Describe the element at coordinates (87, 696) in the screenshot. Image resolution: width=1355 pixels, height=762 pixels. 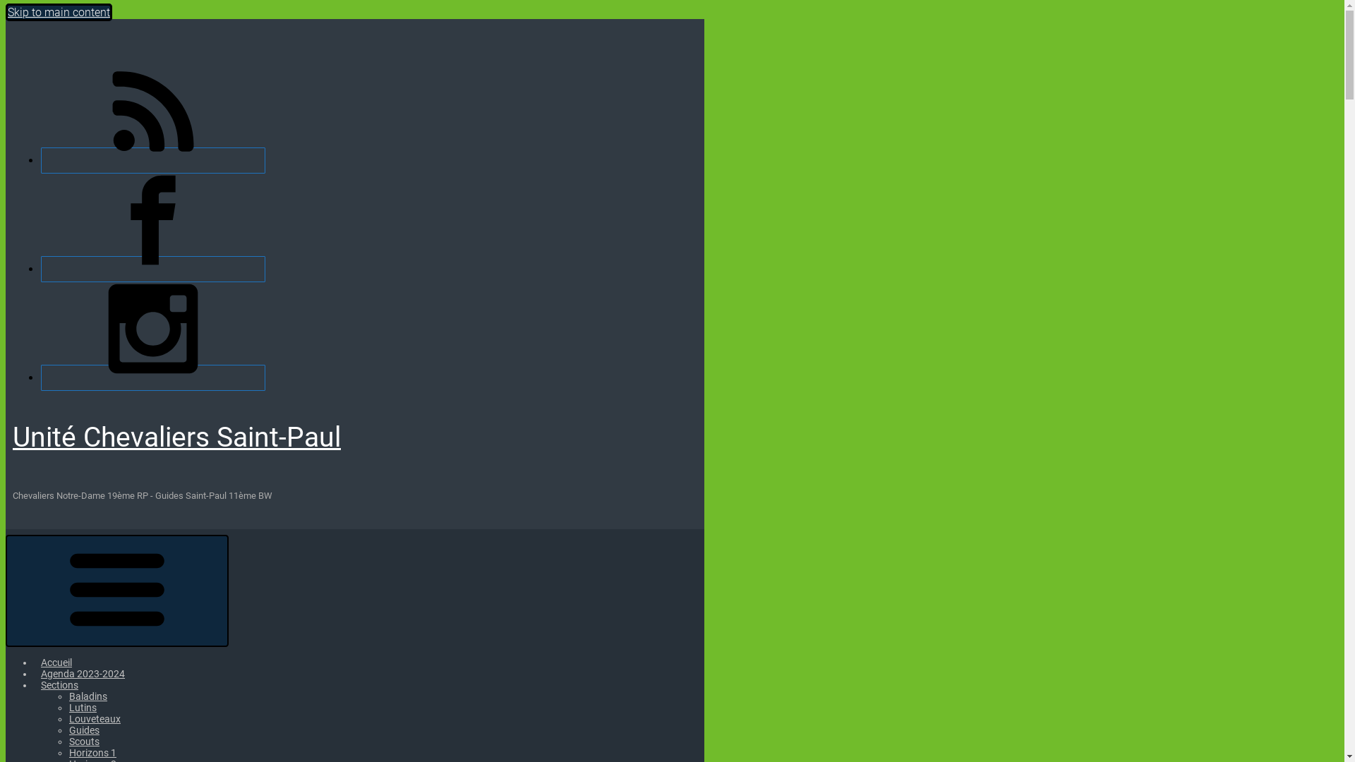
I see `'Baladins'` at that location.